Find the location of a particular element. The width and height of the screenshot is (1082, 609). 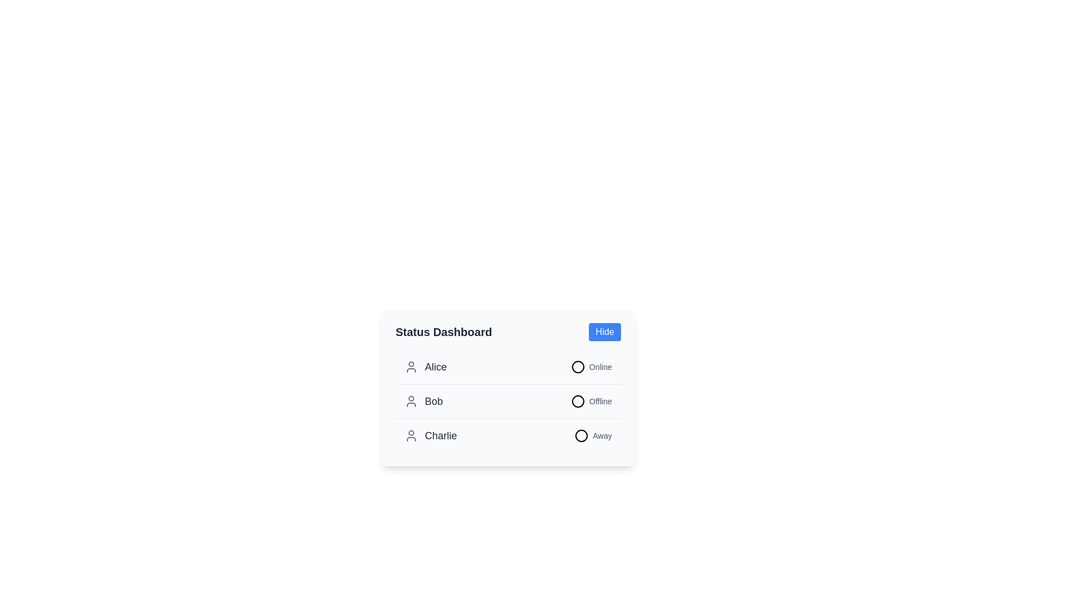

the first user row component in the contact list is located at coordinates (508, 367).